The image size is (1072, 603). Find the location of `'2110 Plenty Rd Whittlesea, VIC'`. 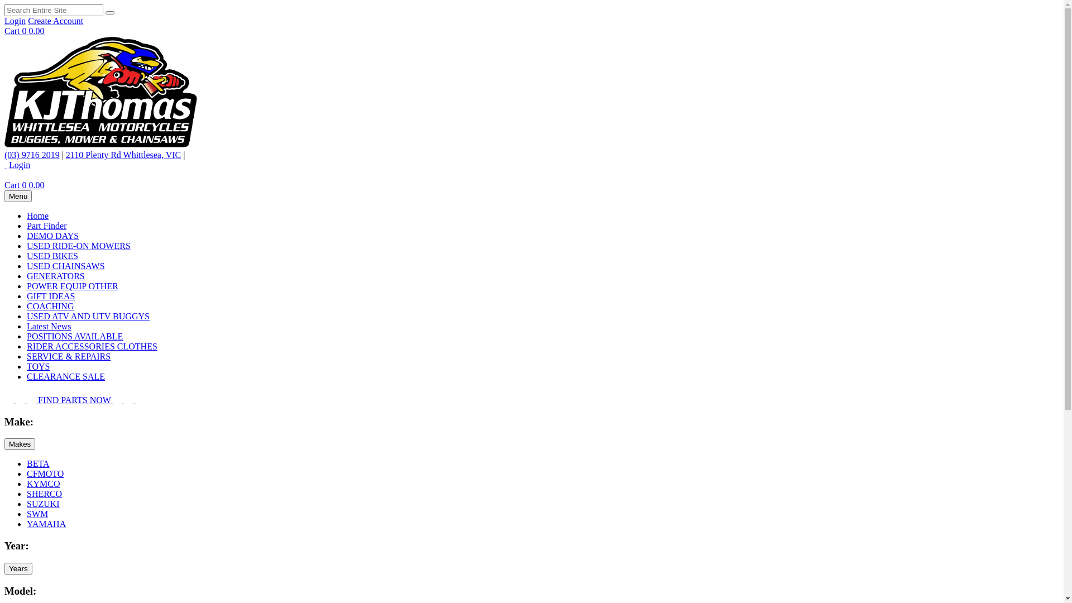

'2110 Plenty Rd Whittlesea, VIC' is located at coordinates (123, 155).